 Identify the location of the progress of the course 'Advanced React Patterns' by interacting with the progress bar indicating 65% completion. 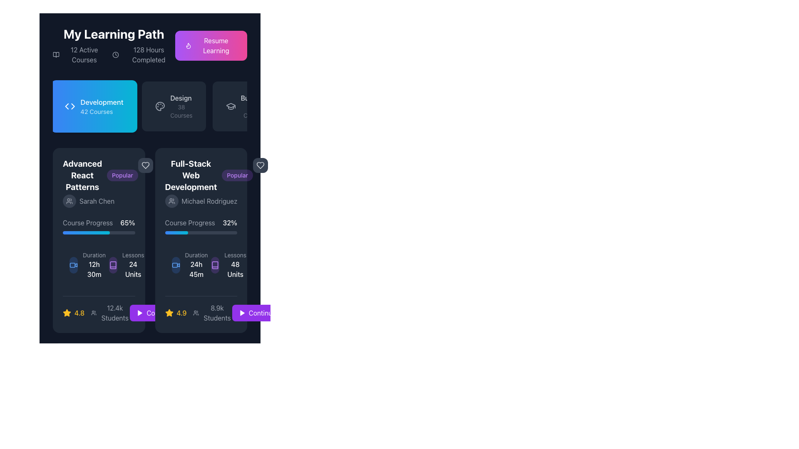
(99, 232).